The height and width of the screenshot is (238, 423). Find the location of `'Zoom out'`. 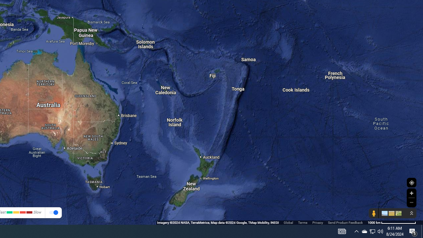

'Zoom out' is located at coordinates (411, 202).